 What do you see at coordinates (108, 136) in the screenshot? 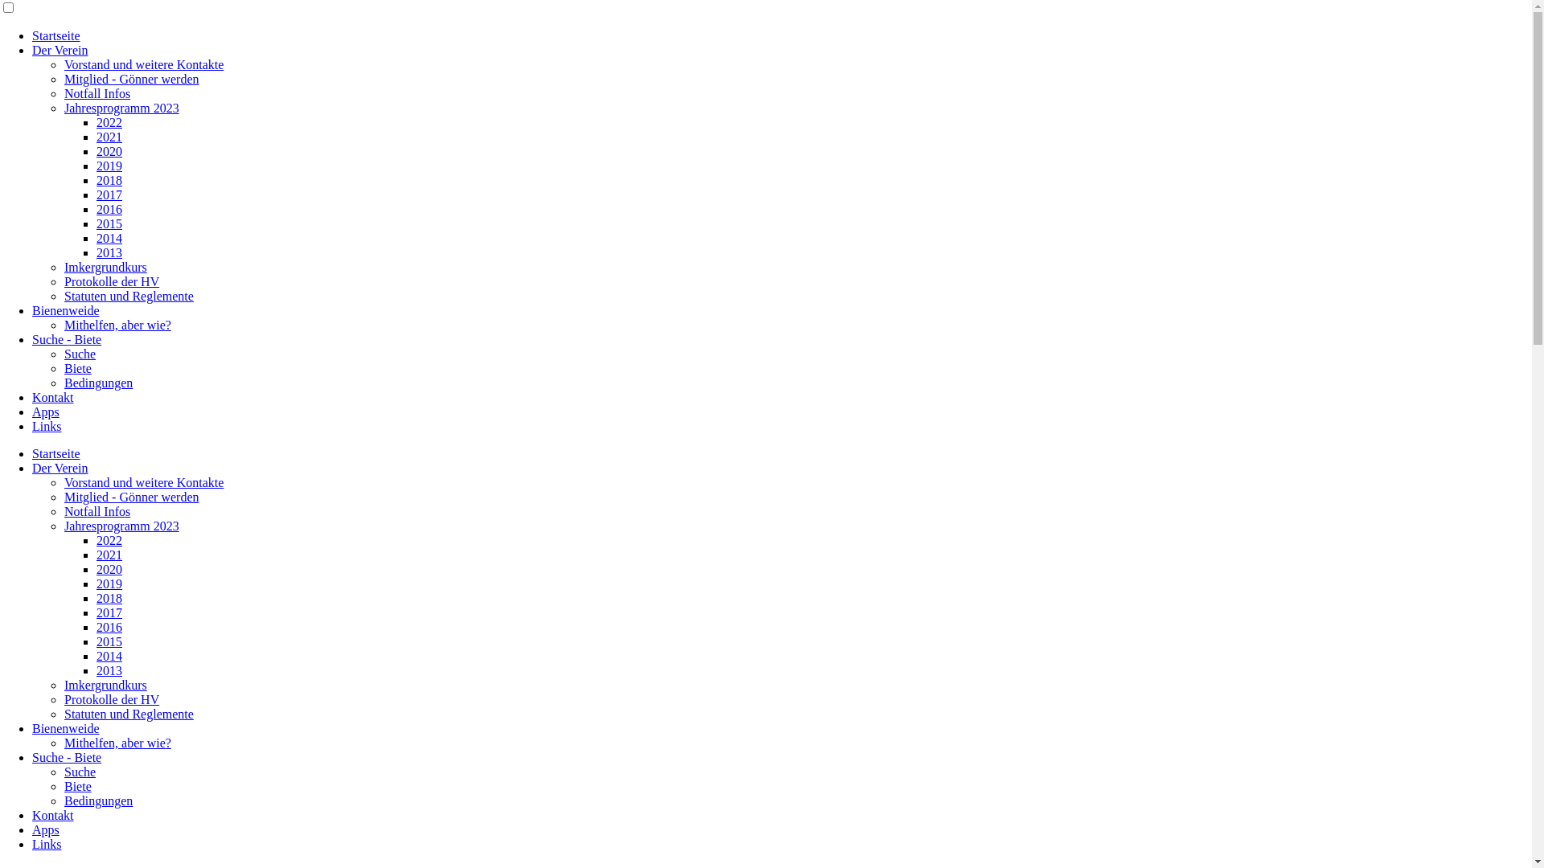
I see `'2021'` at bounding box center [108, 136].